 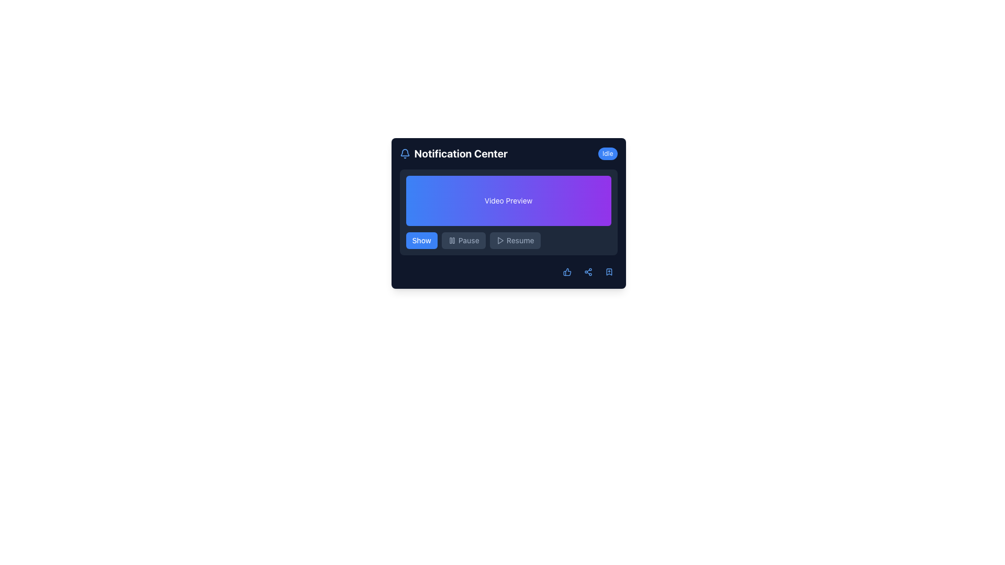 I want to click on the right vertical bar of the Pause icon, which is positioned towards the center-right of the interface, adjacent to the 'Show' button on the left and the 'Resume' button on the right, so click(x=453, y=240).